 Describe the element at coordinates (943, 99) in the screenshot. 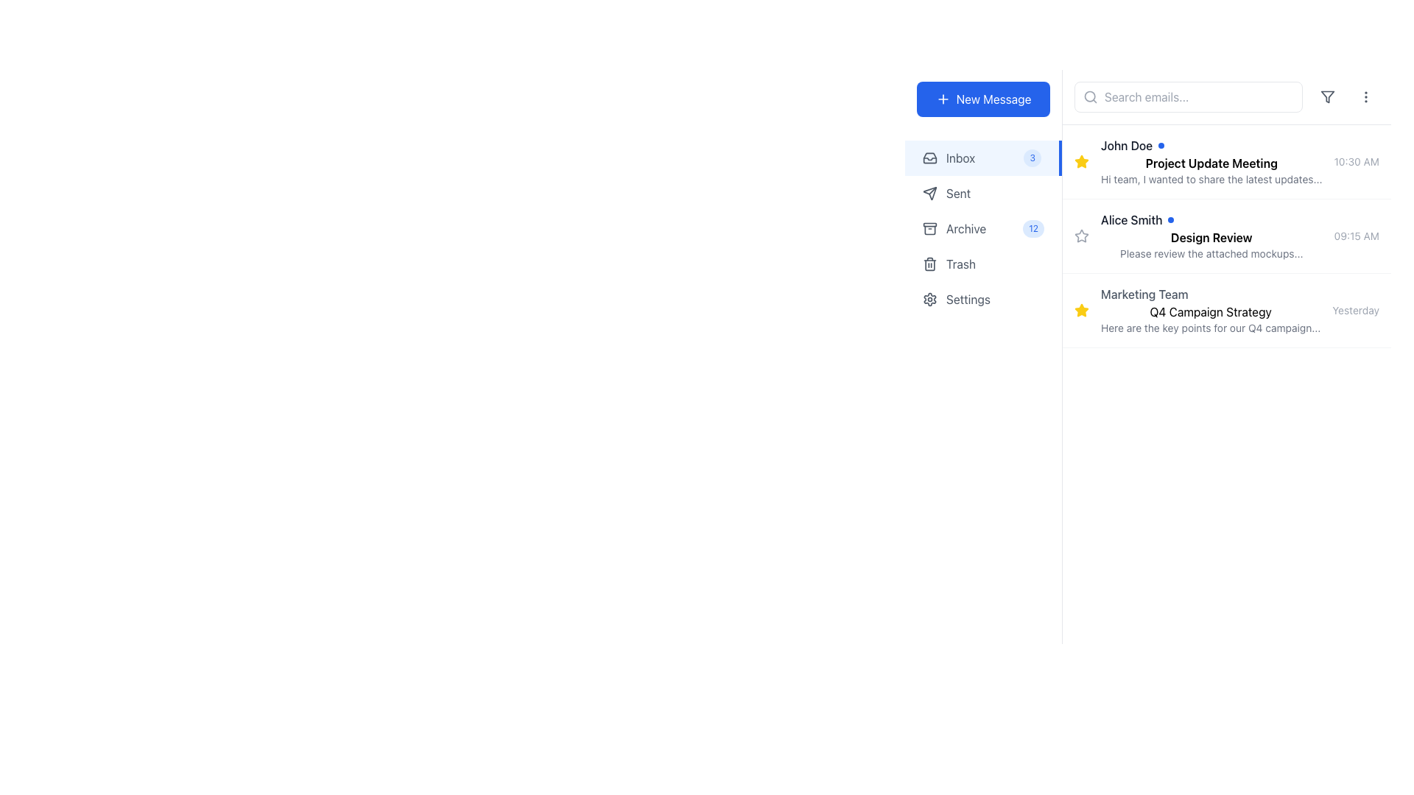

I see `the plus sign icon within the 'New Message' button` at that location.